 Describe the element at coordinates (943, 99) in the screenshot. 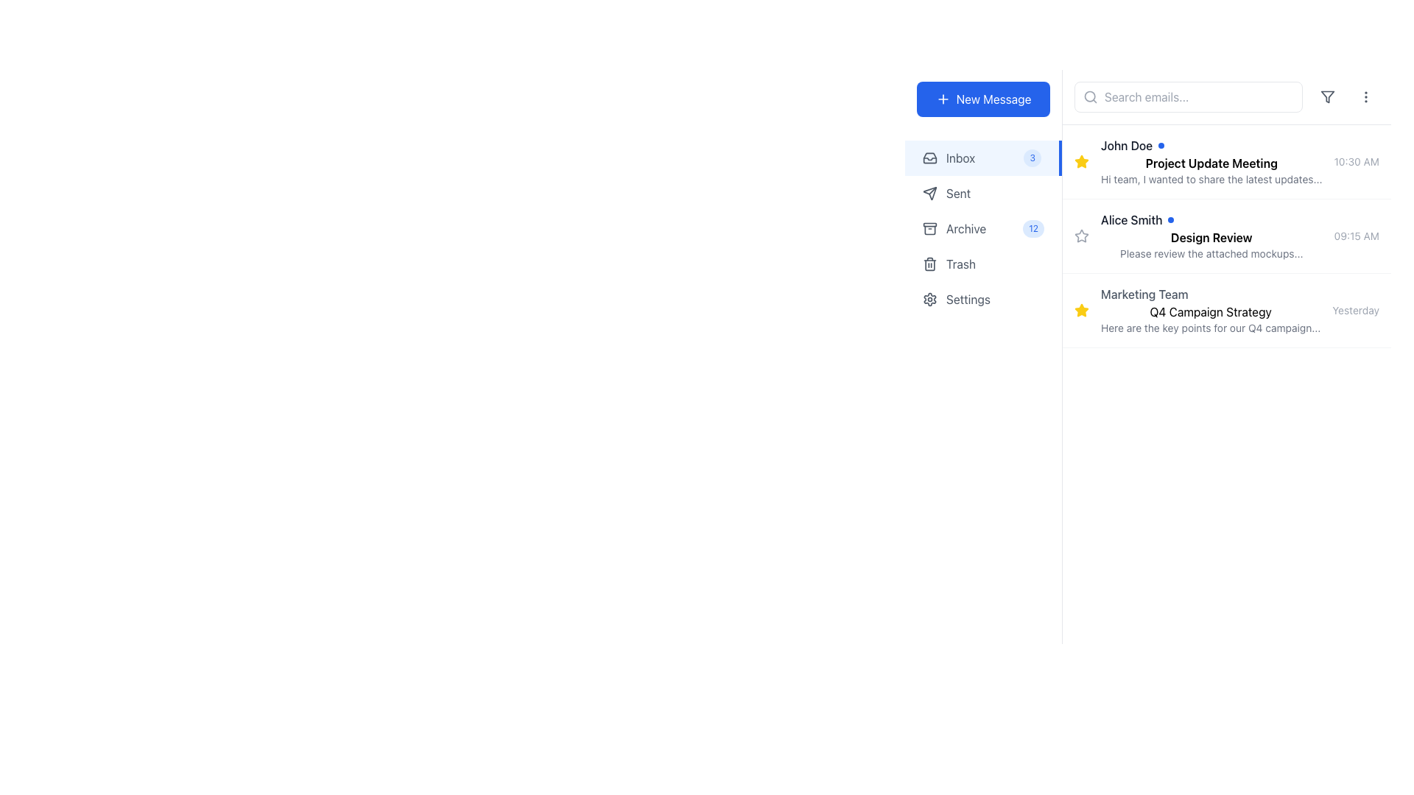

I see `the plus sign icon within the 'New Message' button` at that location.